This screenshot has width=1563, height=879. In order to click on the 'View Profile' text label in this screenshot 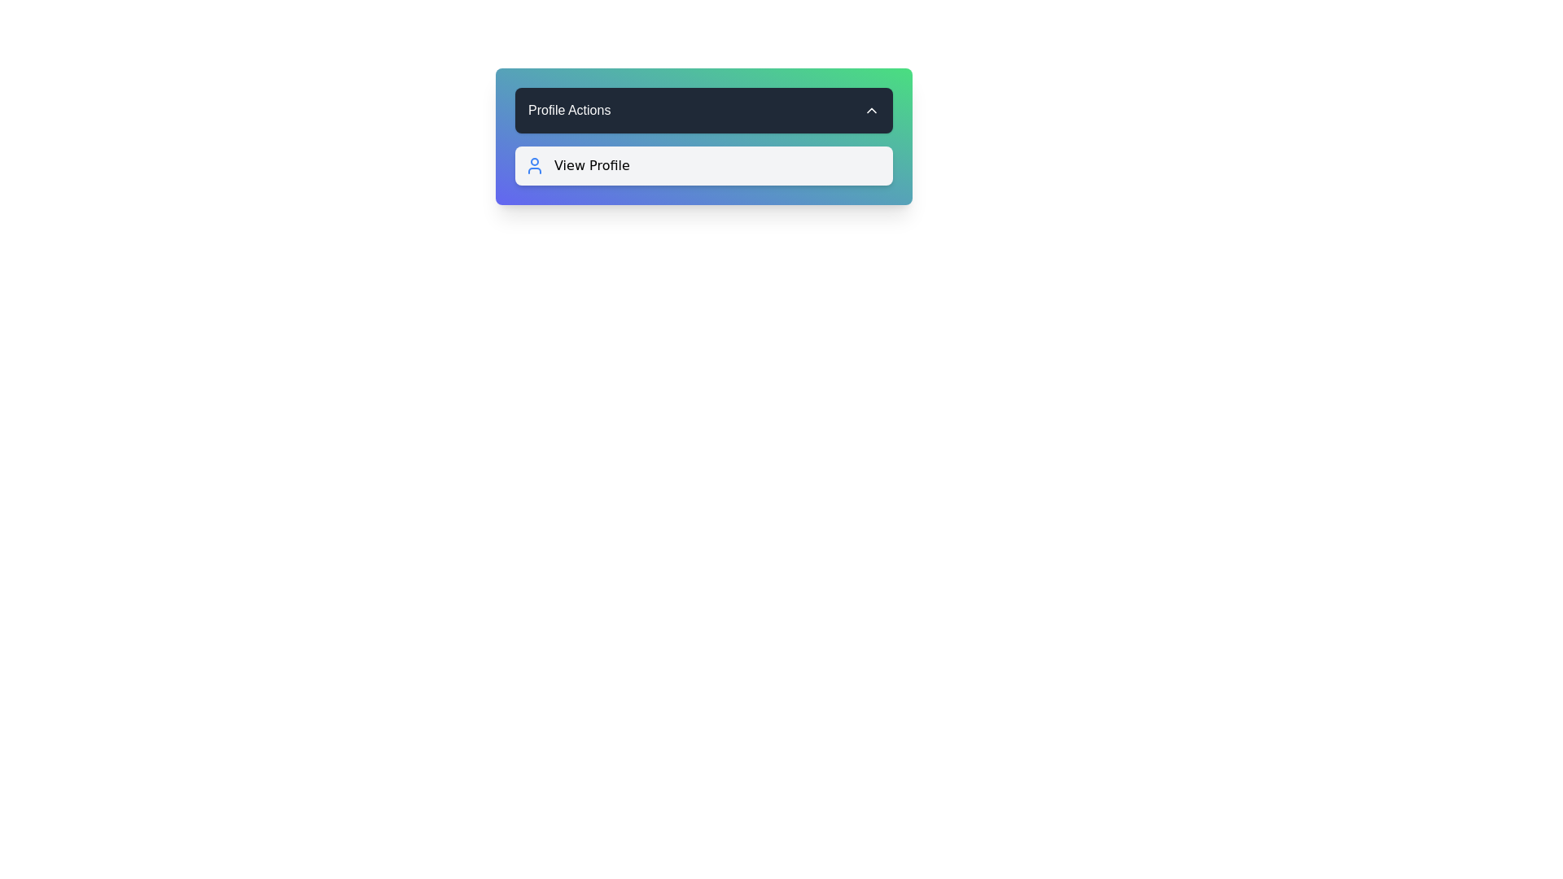, I will do `click(591, 166)`.